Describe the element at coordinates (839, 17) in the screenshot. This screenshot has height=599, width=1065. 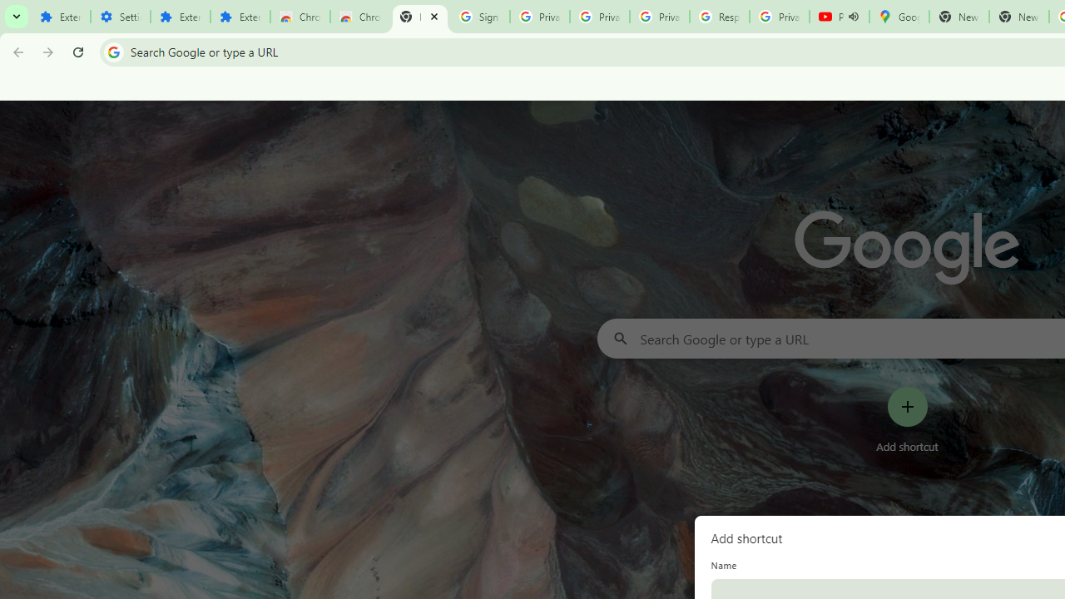
I see `'Personalized AI for you | Gemini - YouTube - Audio playing'` at that location.